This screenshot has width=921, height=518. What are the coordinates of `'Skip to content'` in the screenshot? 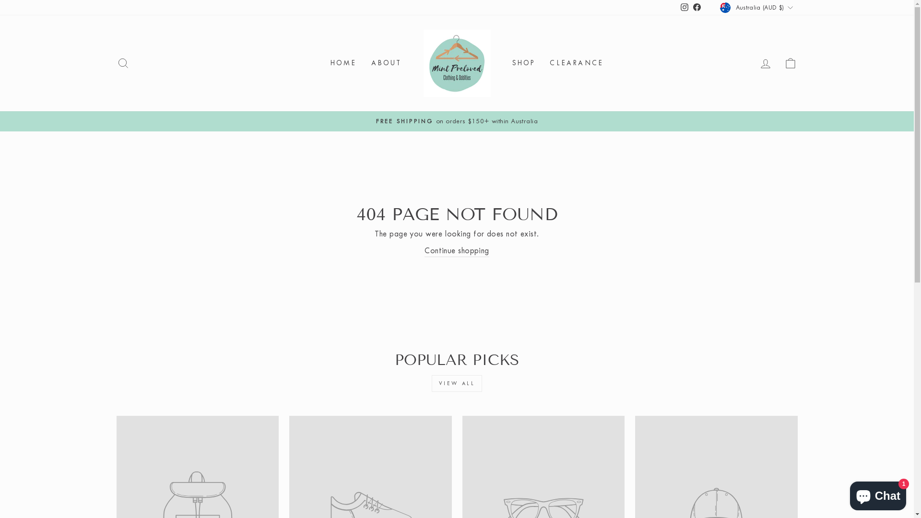 It's located at (0, 0).